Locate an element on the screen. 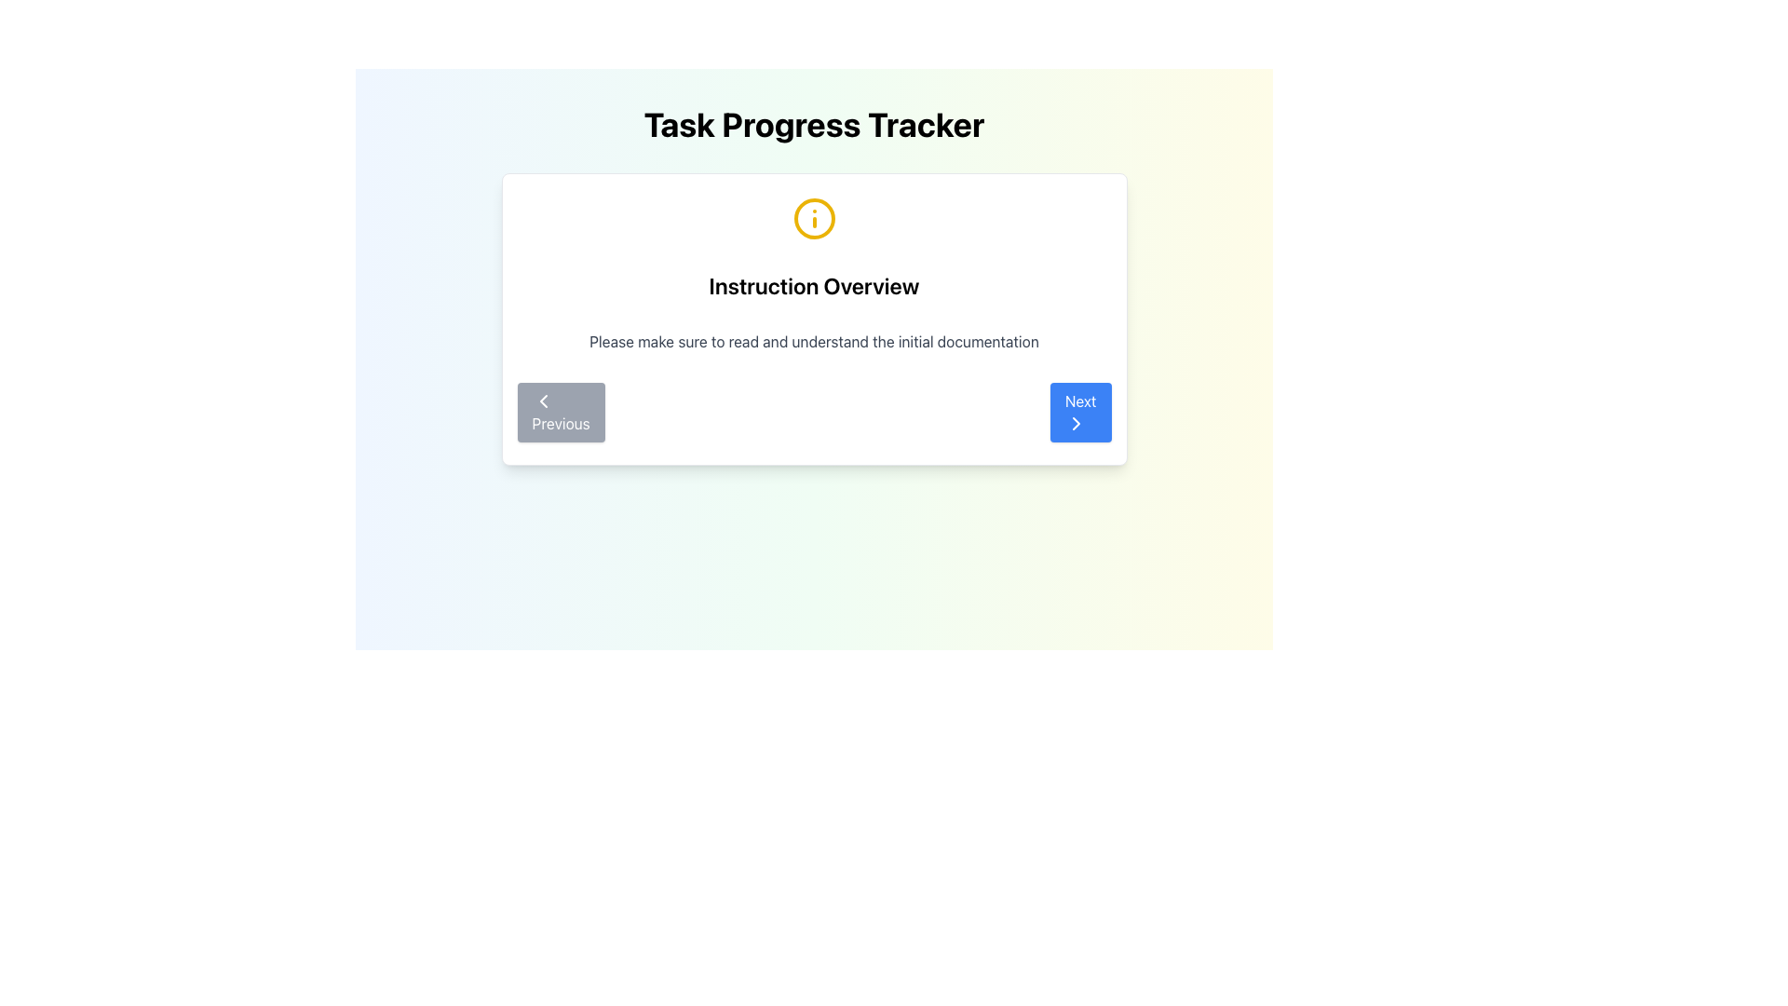 The height and width of the screenshot is (1006, 1788). the button located on the far-right side of the horizontal button group is located at coordinates (1080, 412).